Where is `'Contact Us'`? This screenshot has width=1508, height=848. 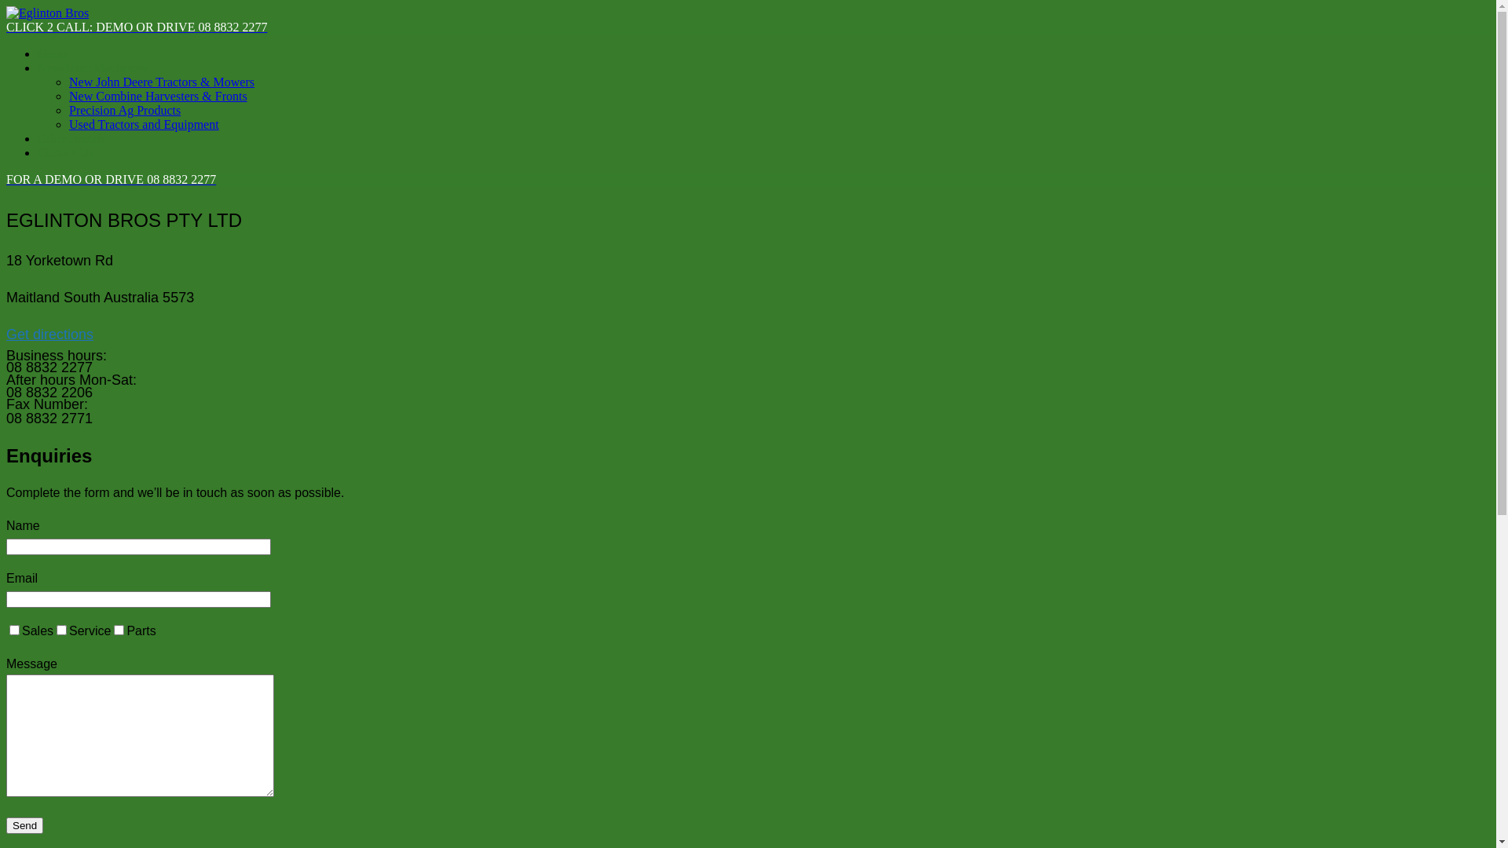
'Contact Us' is located at coordinates (64, 152).